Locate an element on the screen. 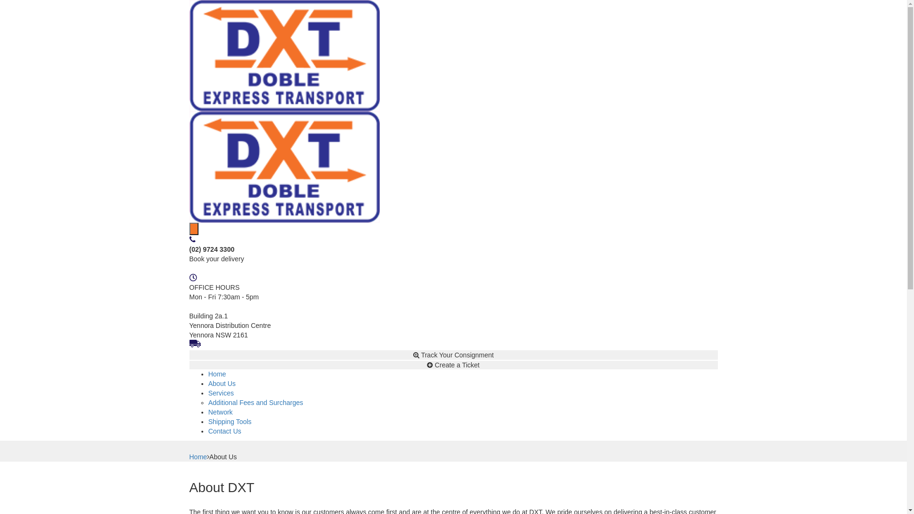 The width and height of the screenshot is (914, 514). 'Contact Us' is located at coordinates (224, 431).